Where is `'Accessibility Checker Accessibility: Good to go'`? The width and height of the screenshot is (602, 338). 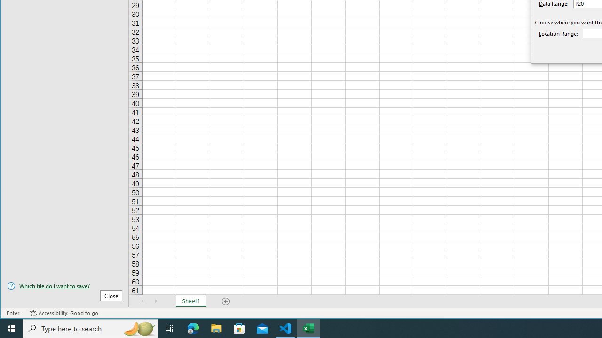
'Accessibility Checker Accessibility: Good to go' is located at coordinates (63, 313).